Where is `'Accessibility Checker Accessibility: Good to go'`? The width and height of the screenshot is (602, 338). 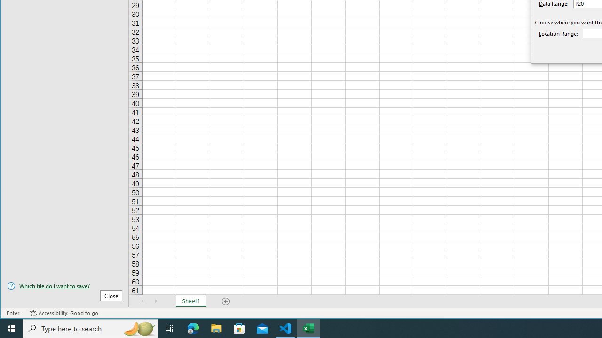
'Accessibility Checker Accessibility: Good to go' is located at coordinates (63, 313).